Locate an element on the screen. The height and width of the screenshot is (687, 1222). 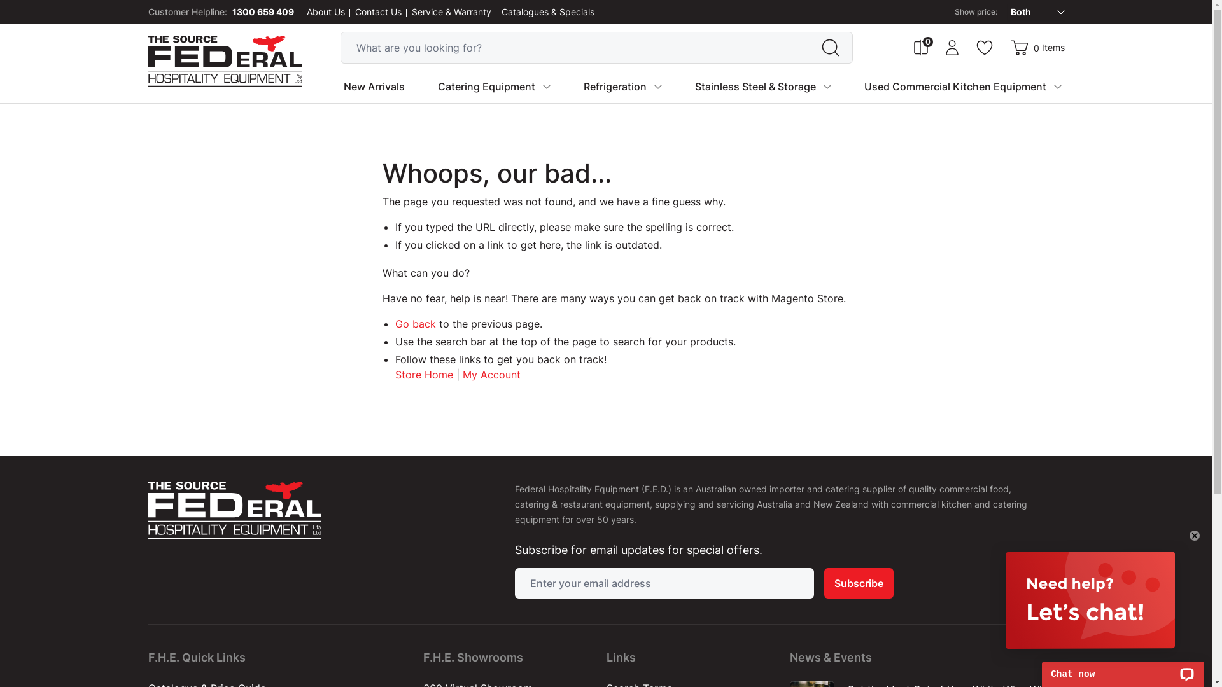
'About Us' is located at coordinates (326, 12).